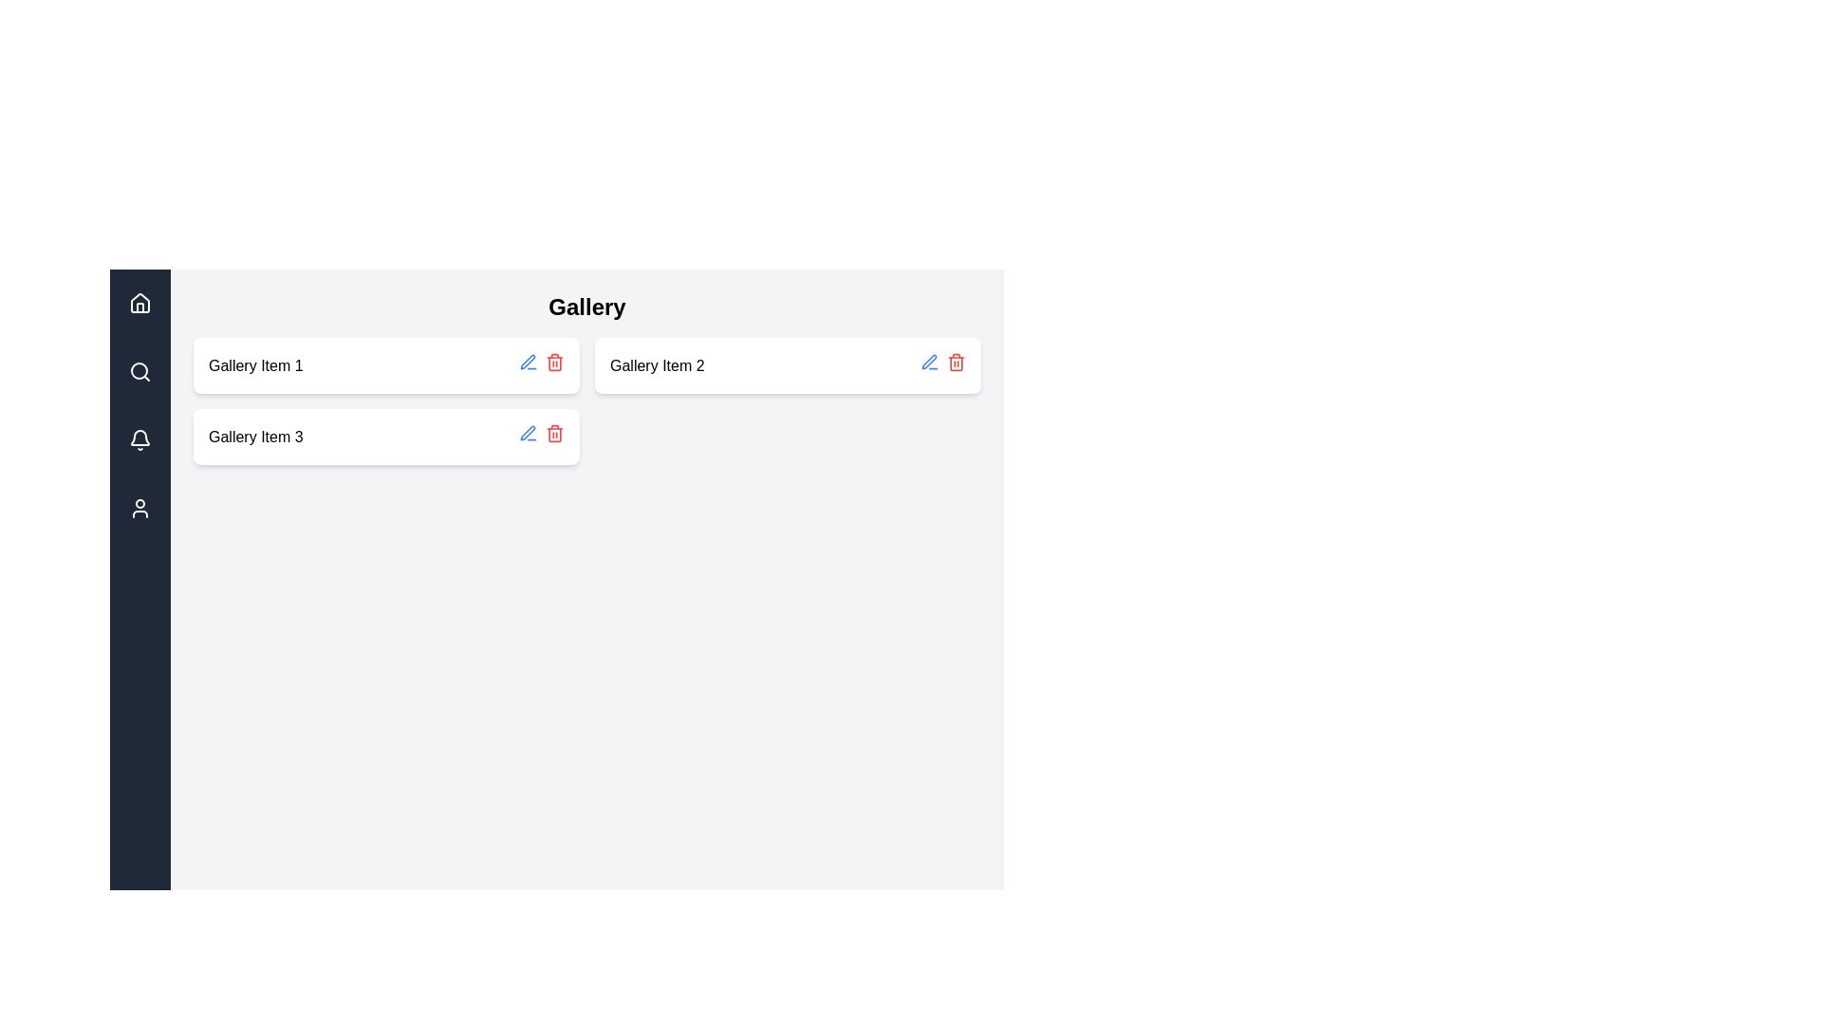 This screenshot has width=1822, height=1025. What do you see at coordinates (139, 370) in the screenshot?
I see `the inner circular part of the magnifying glass icon located on the sidebar, which is the second icon from the top` at bounding box center [139, 370].